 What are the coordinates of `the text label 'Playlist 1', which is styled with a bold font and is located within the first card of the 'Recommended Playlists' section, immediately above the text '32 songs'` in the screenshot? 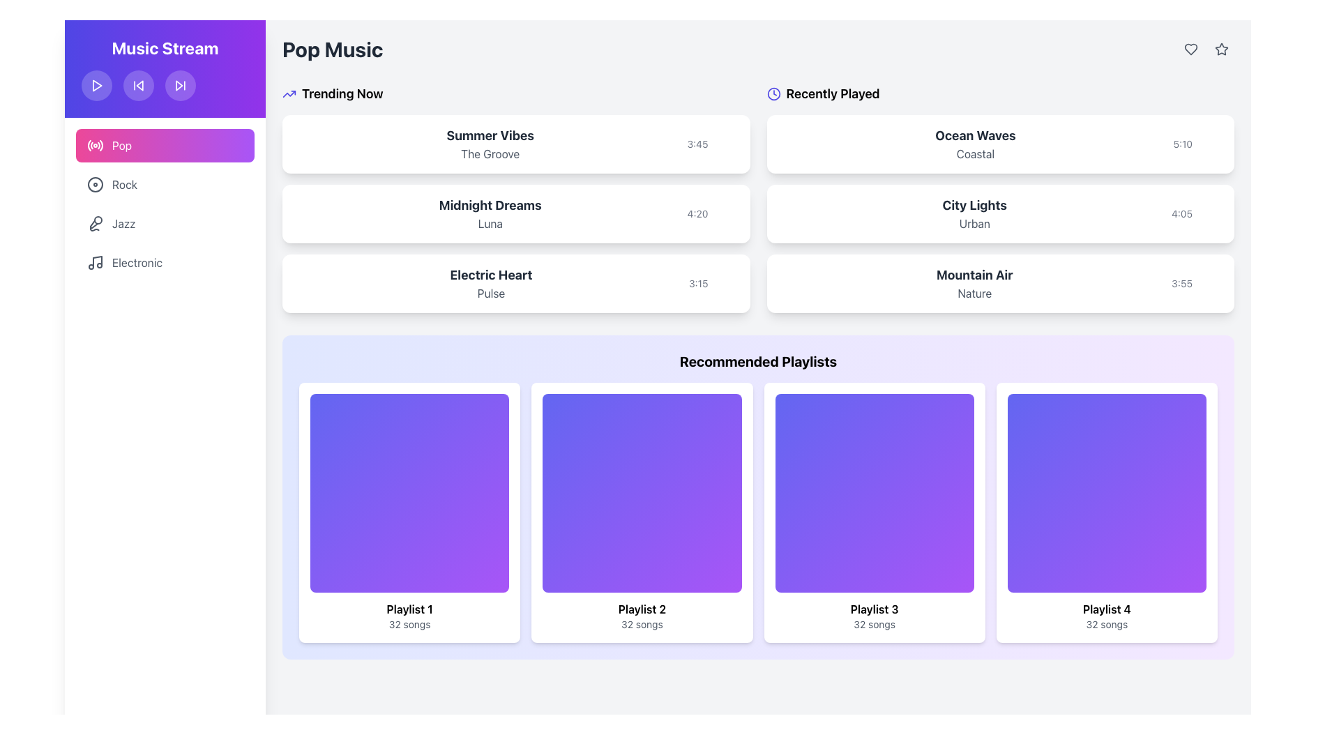 It's located at (409, 609).